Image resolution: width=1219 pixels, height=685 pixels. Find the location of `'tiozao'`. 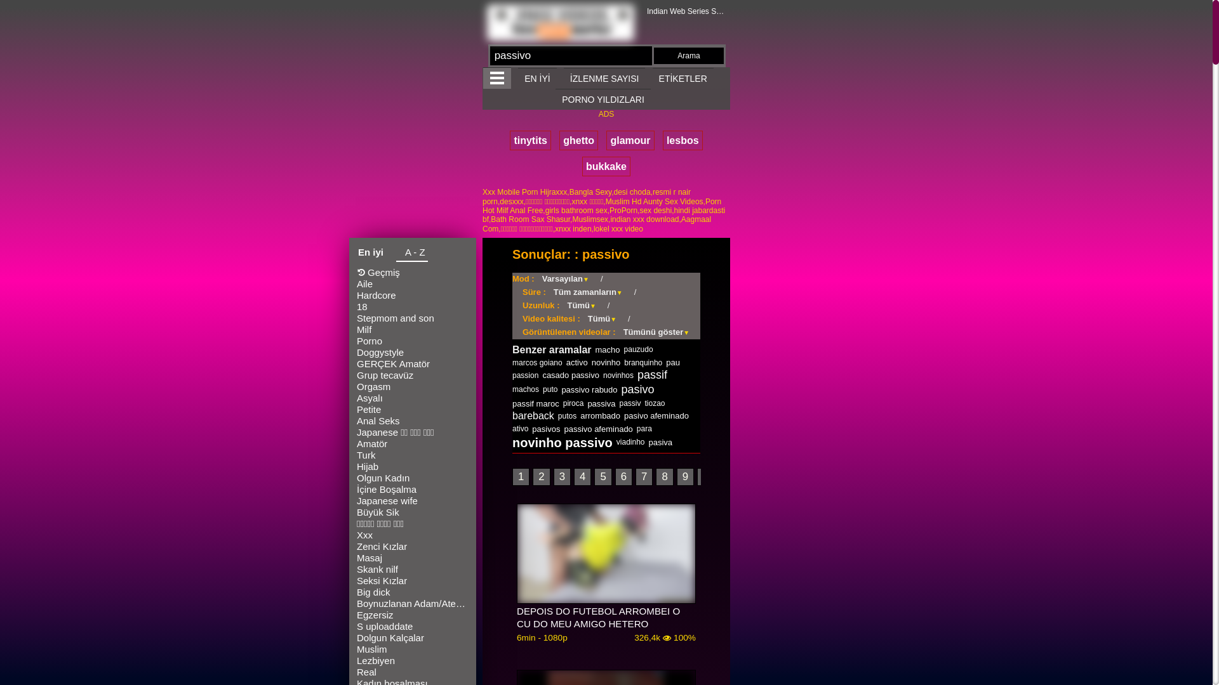

'tiozao' is located at coordinates (655, 403).